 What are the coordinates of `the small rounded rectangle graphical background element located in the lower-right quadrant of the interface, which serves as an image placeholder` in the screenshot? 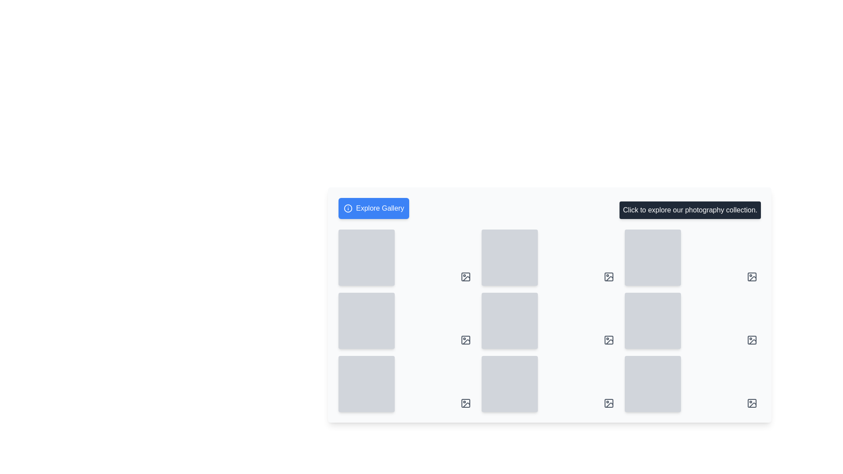 It's located at (752, 340).